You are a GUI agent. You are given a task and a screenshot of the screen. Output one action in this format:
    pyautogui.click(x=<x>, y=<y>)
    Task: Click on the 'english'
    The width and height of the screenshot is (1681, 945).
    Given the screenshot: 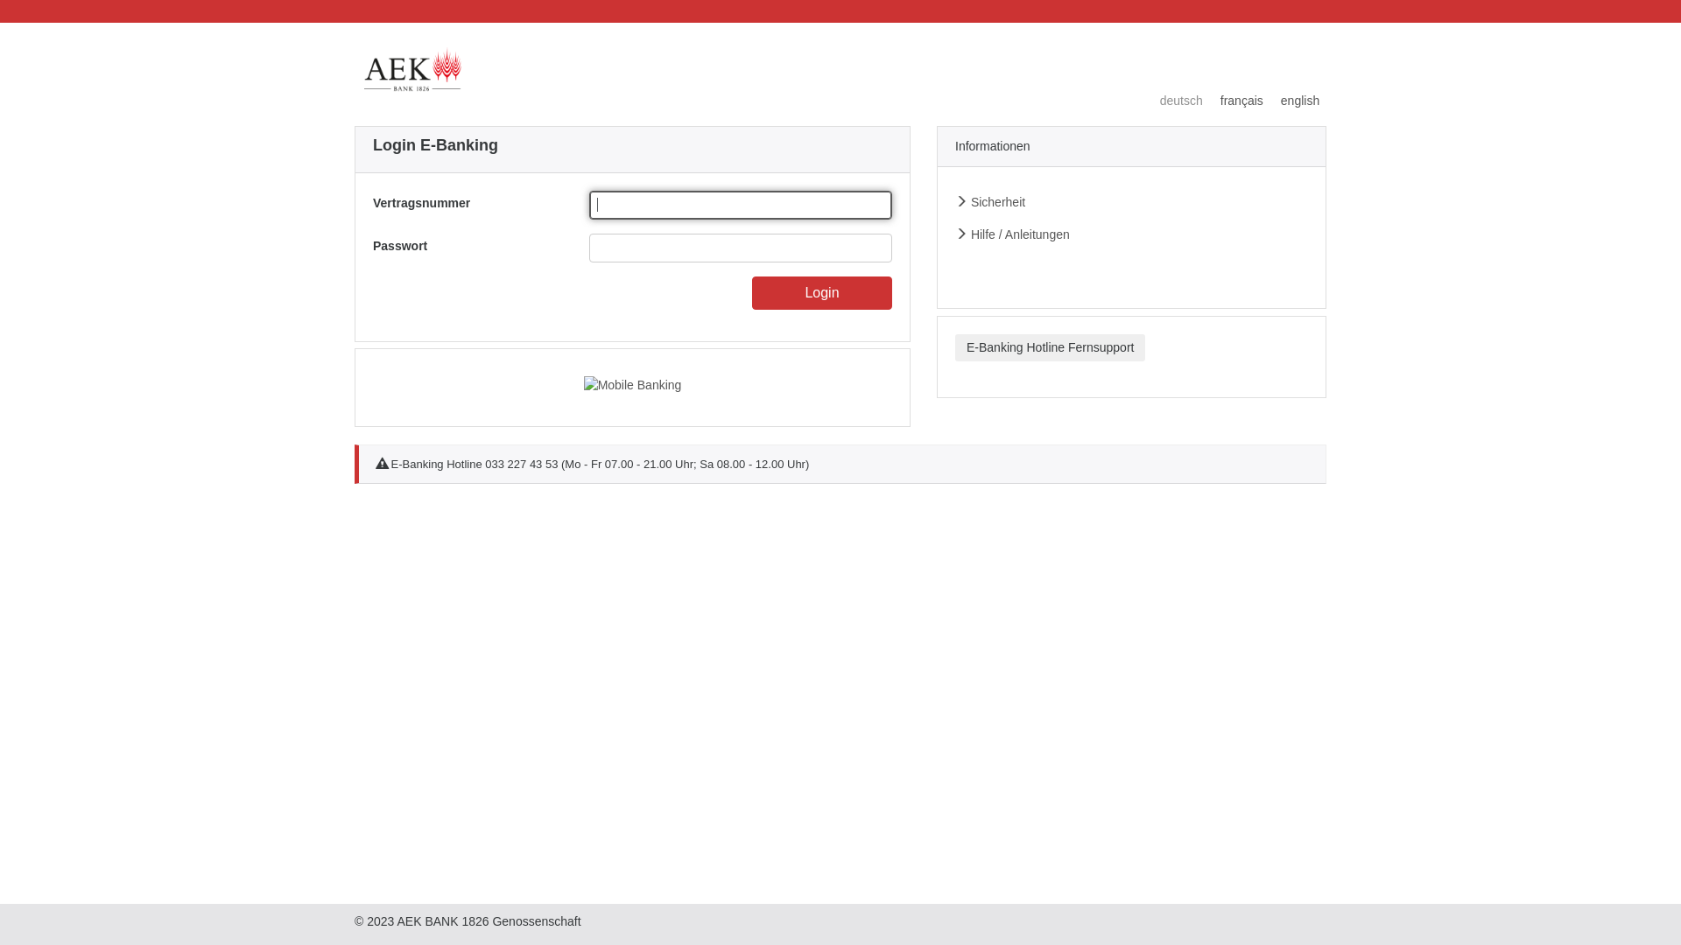 What is the action you would take?
    pyautogui.click(x=1291, y=101)
    